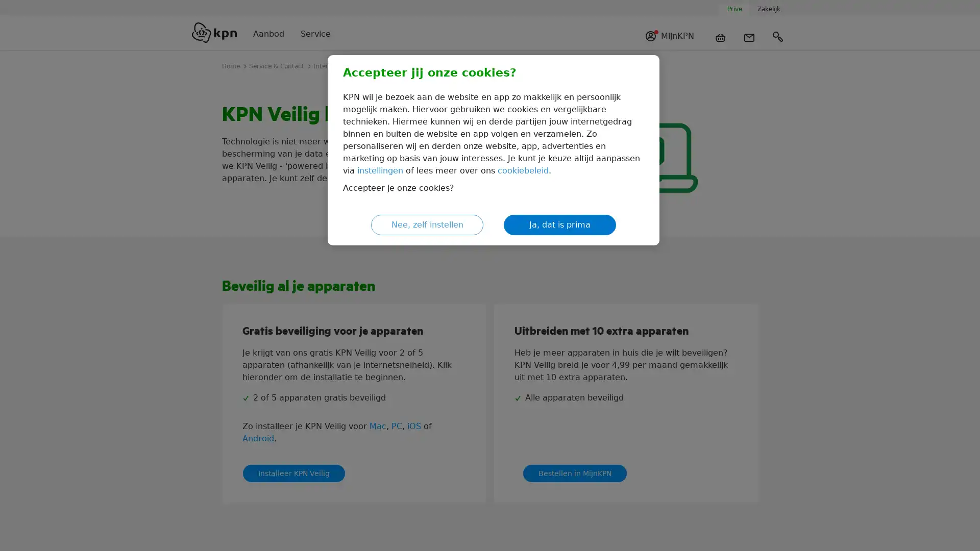 Image resolution: width=980 pixels, height=551 pixels. What do you see at coordinates (670, 31) in the screenshot?
I see `MijnKPN` at bounding box center [670, 31].